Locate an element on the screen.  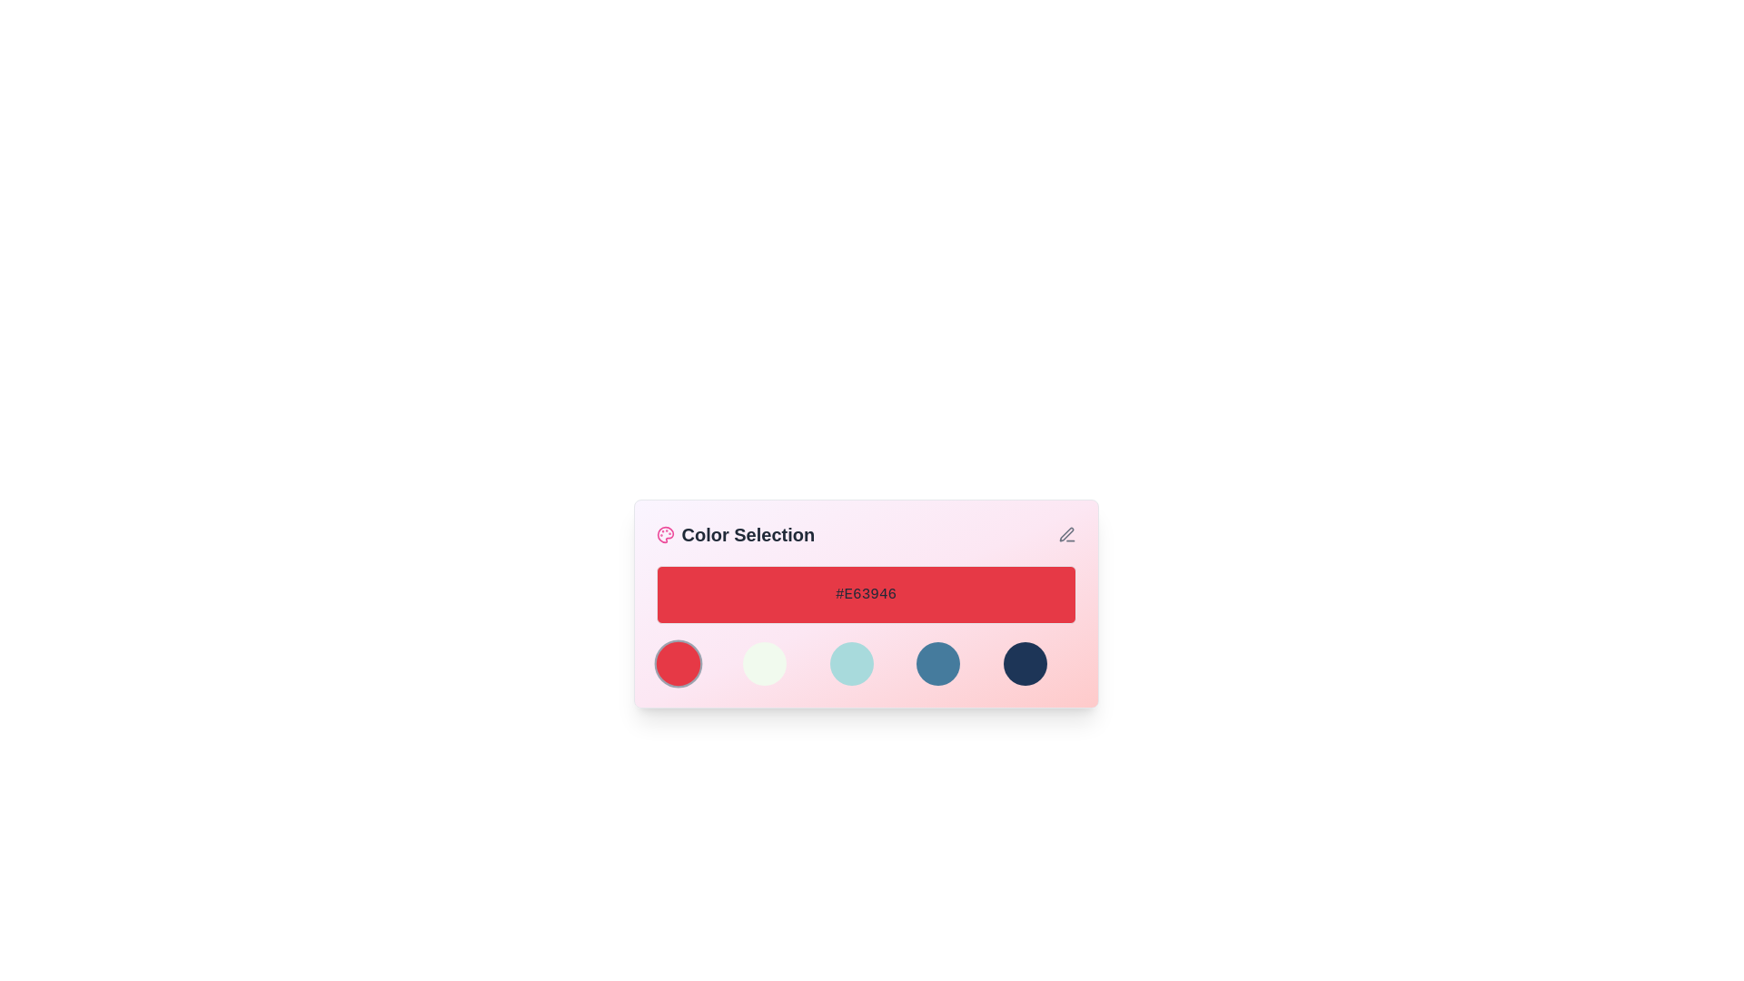
the third circular button with a light turquoise background in the Color Selection section is located at coordinates (850, 664).